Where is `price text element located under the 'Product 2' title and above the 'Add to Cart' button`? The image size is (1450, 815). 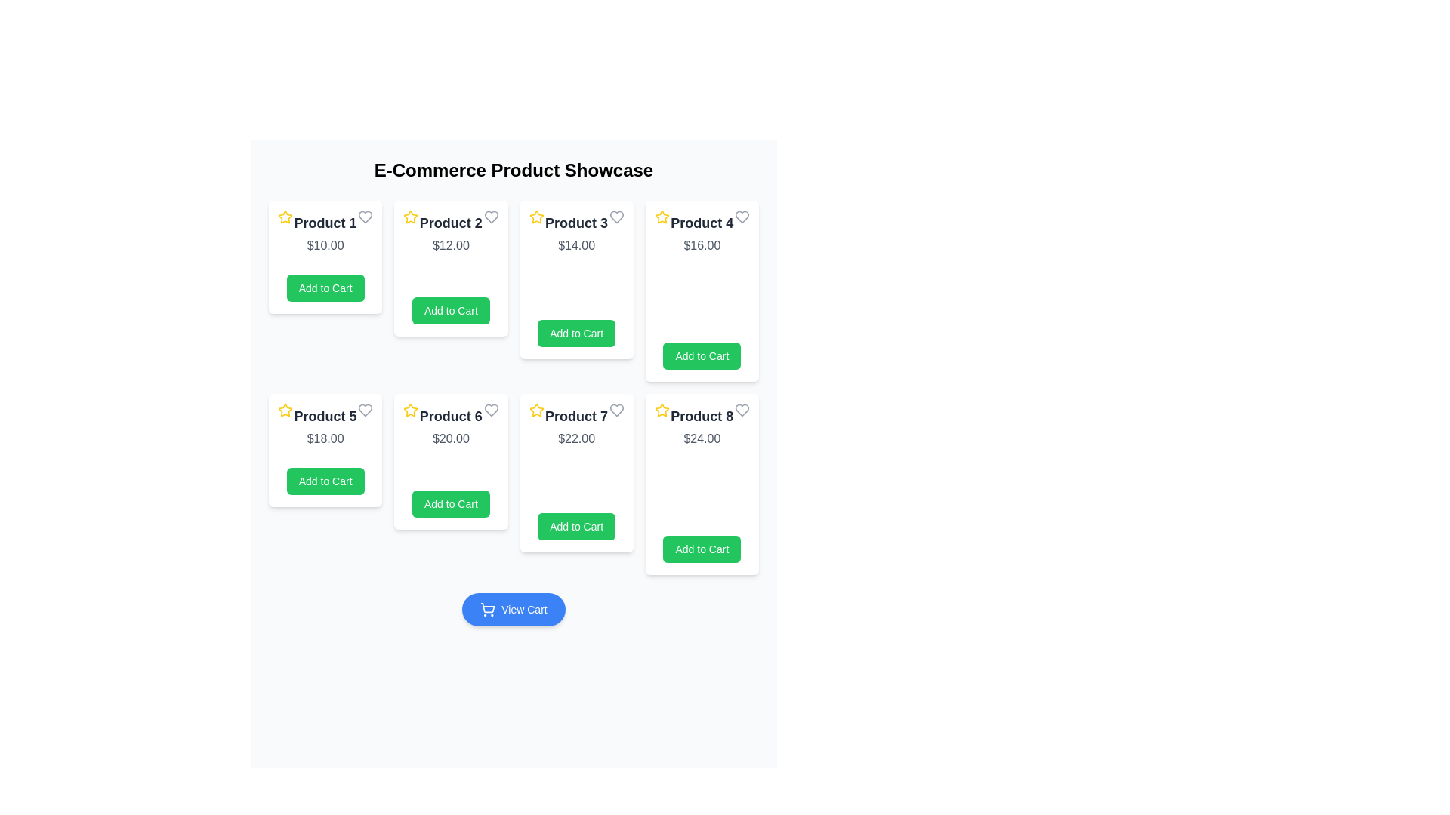 price text element located under the 'Product 2' title and above the 'Add to Cart' button is located at coordinates (450, 245).